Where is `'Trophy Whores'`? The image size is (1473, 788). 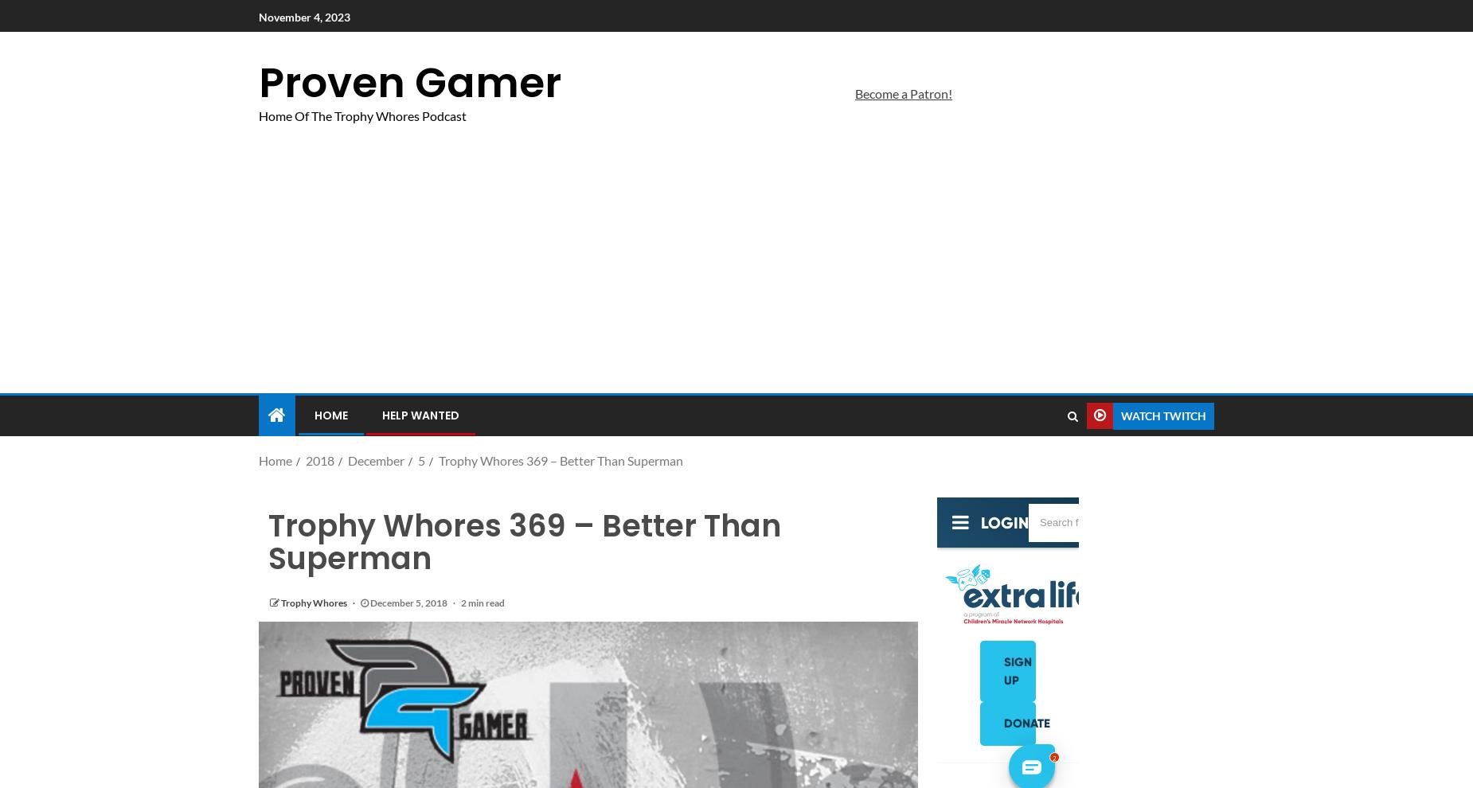 'Trophy Whores' is located at coordinates (314, 603).